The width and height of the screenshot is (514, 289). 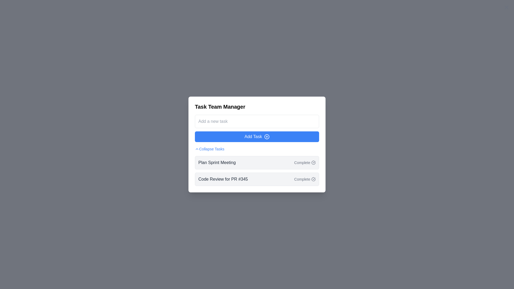 What do you see at coordinates (257, 128) in the screenshot?
I see `the text input field for entering task details, located below the 'Task Team Manager' header and above the 'Add Task' button` at bounding box center [257, 128].